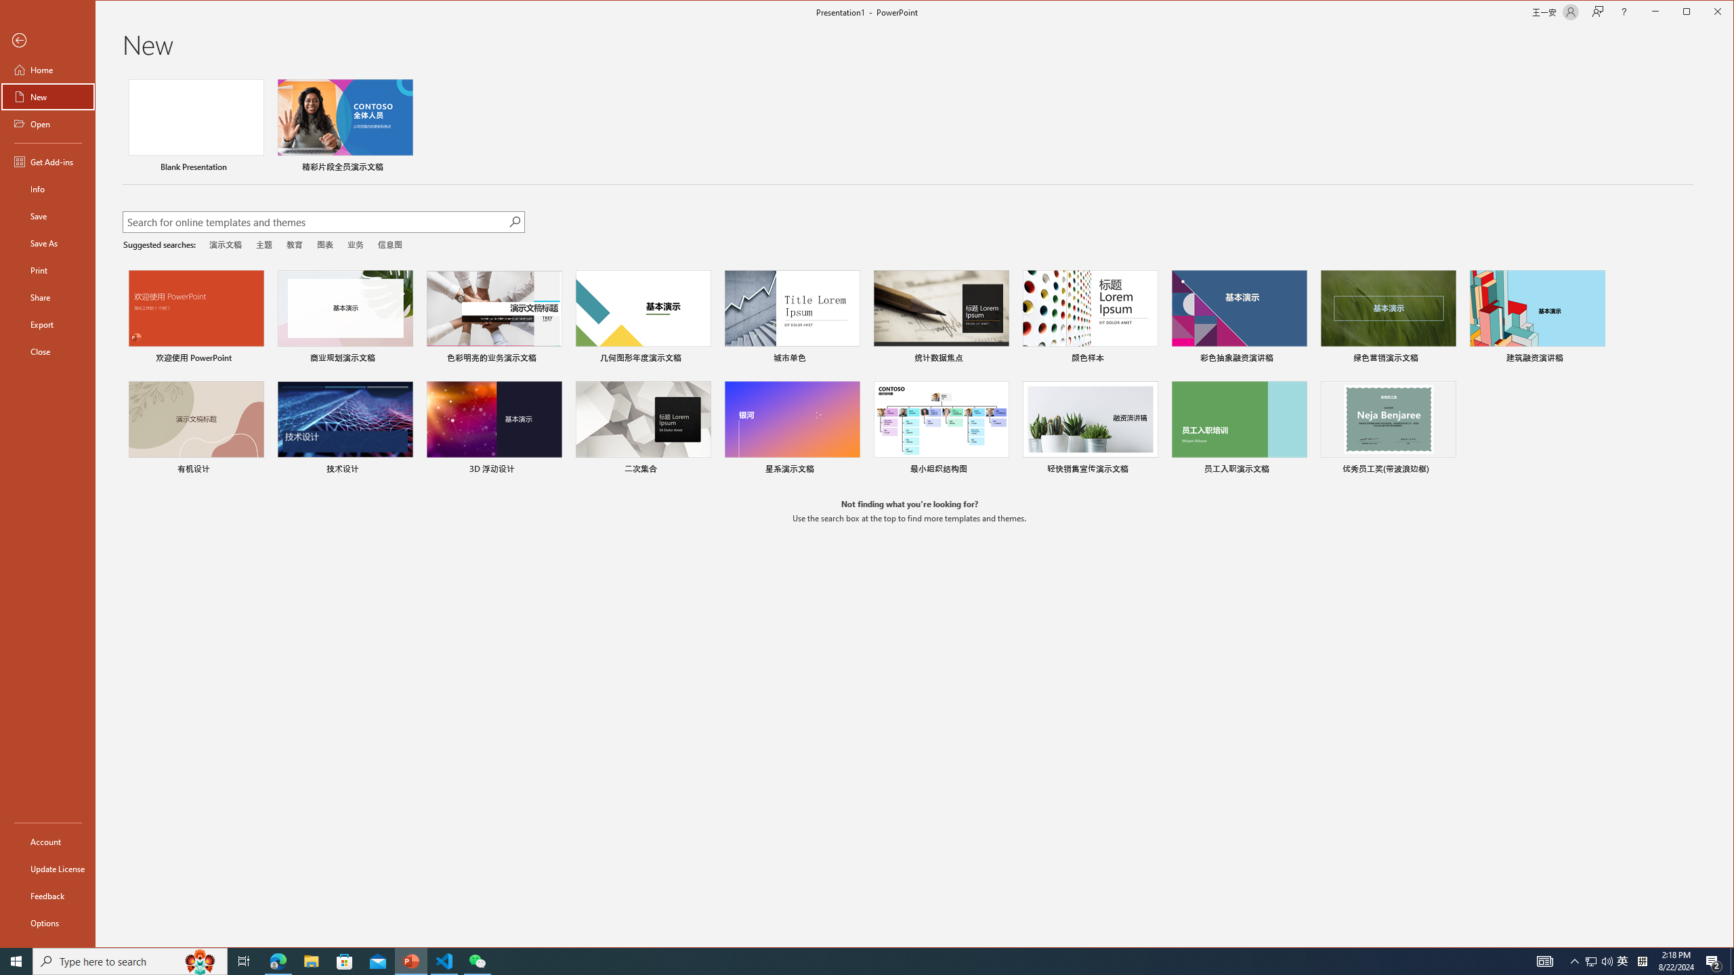 The height and width of the screenshot is (975, 1734). Describe the element at coordinates (47, 269) in the screenshot. I see `'Print'` at that location.